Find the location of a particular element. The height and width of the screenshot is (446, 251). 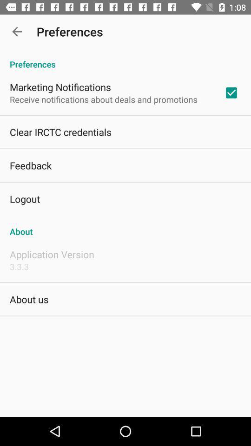

app above the about is located at coordinates (231, 92).